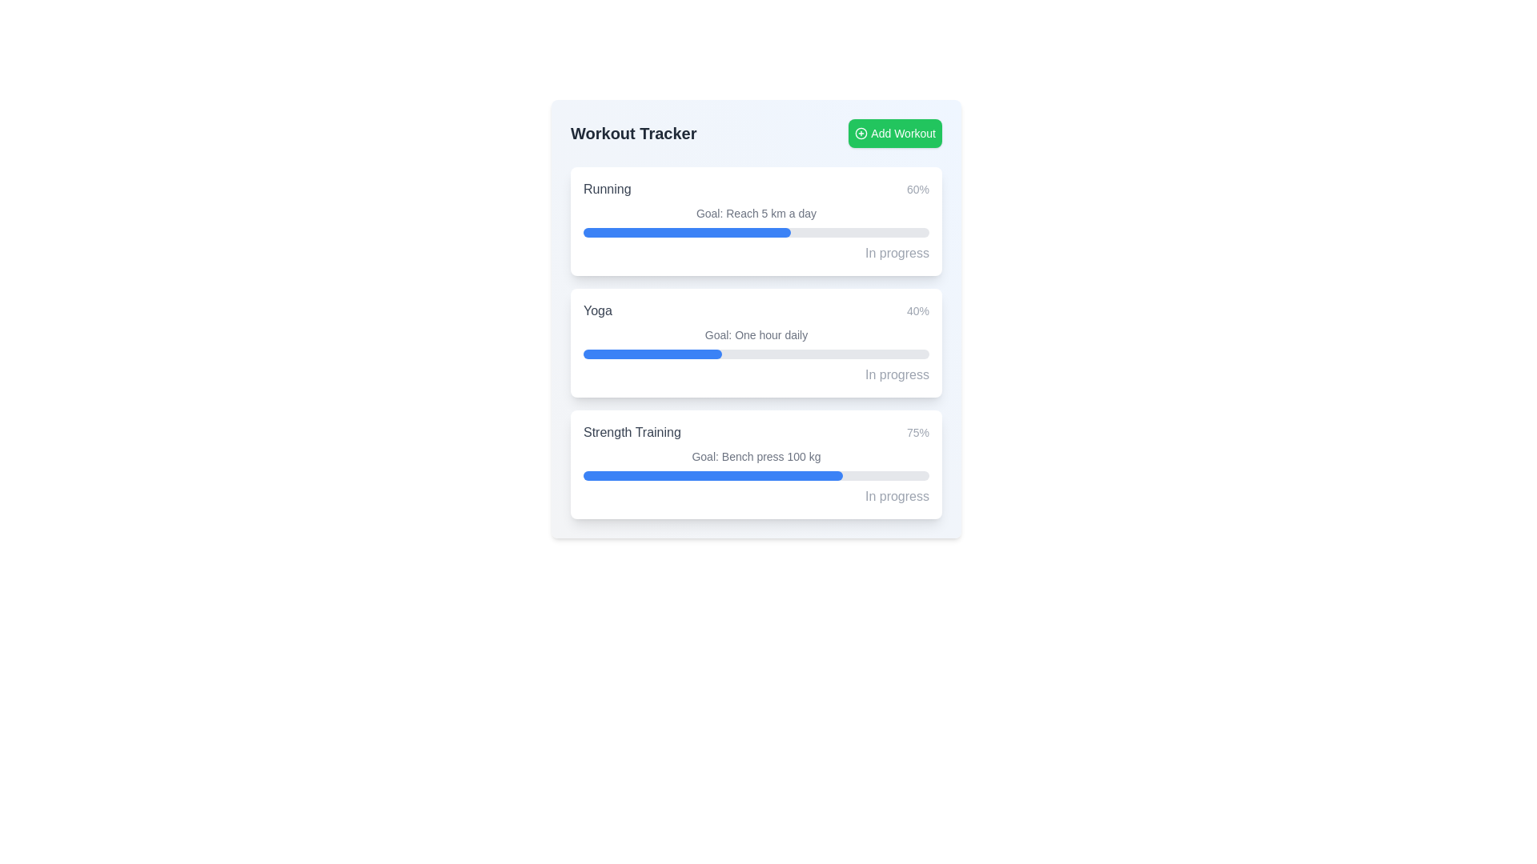 The image size is (1537, 864). I want to click on the text label displaying 'In progress' in light gray color, located inside the 'Running' task card, to the far right of the progress bar, so click(897, 252).